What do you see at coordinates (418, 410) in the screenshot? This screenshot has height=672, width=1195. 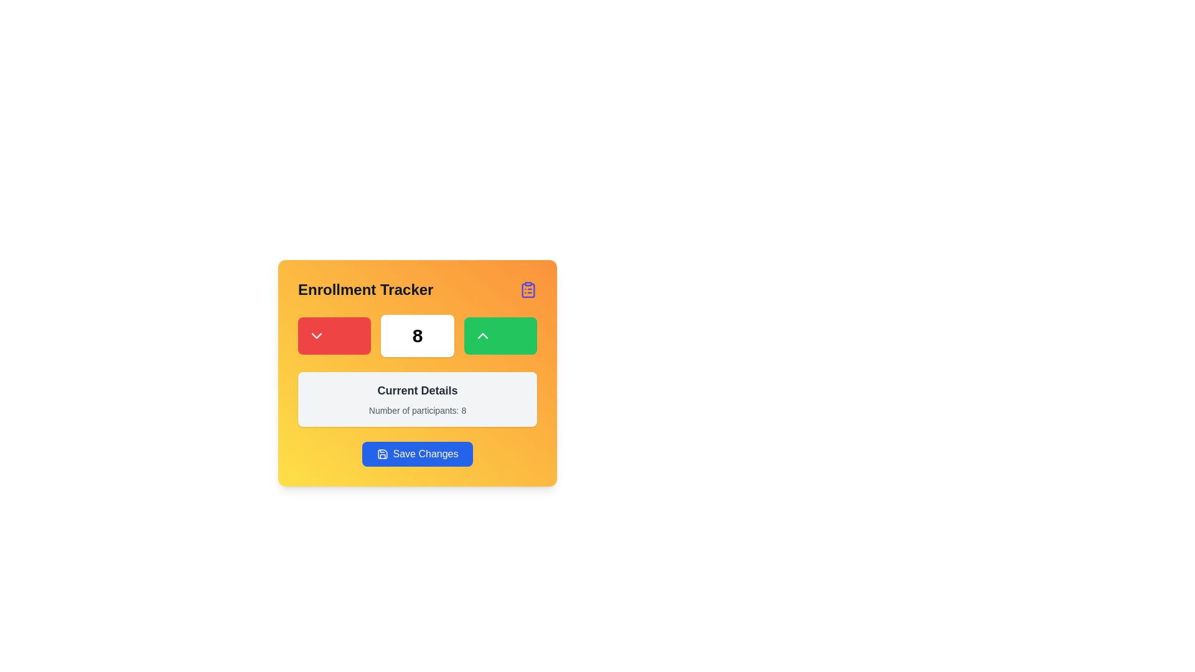 I see `informational text displaying the number of participants, located below the 'Current Details' text in a panel with a light gray background` at bounding box center [418, 410].